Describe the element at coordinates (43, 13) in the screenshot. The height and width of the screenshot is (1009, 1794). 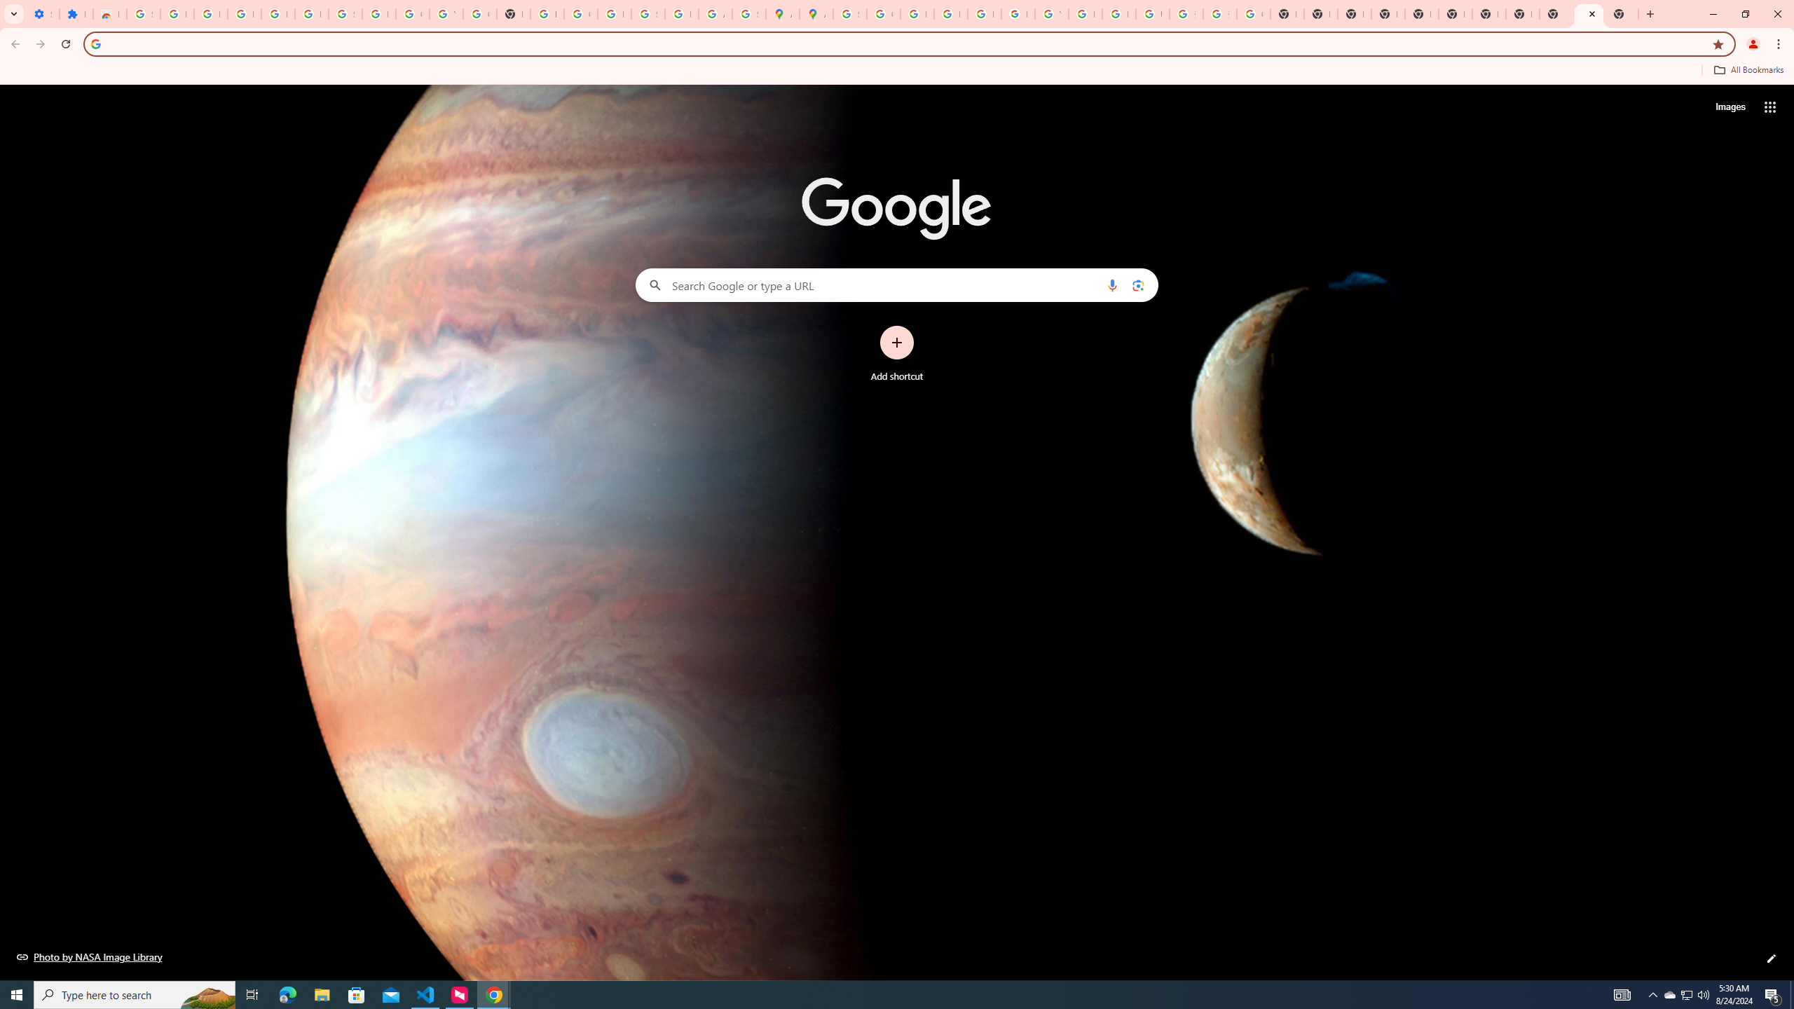
I see `'Settings - On startup'` at that location.